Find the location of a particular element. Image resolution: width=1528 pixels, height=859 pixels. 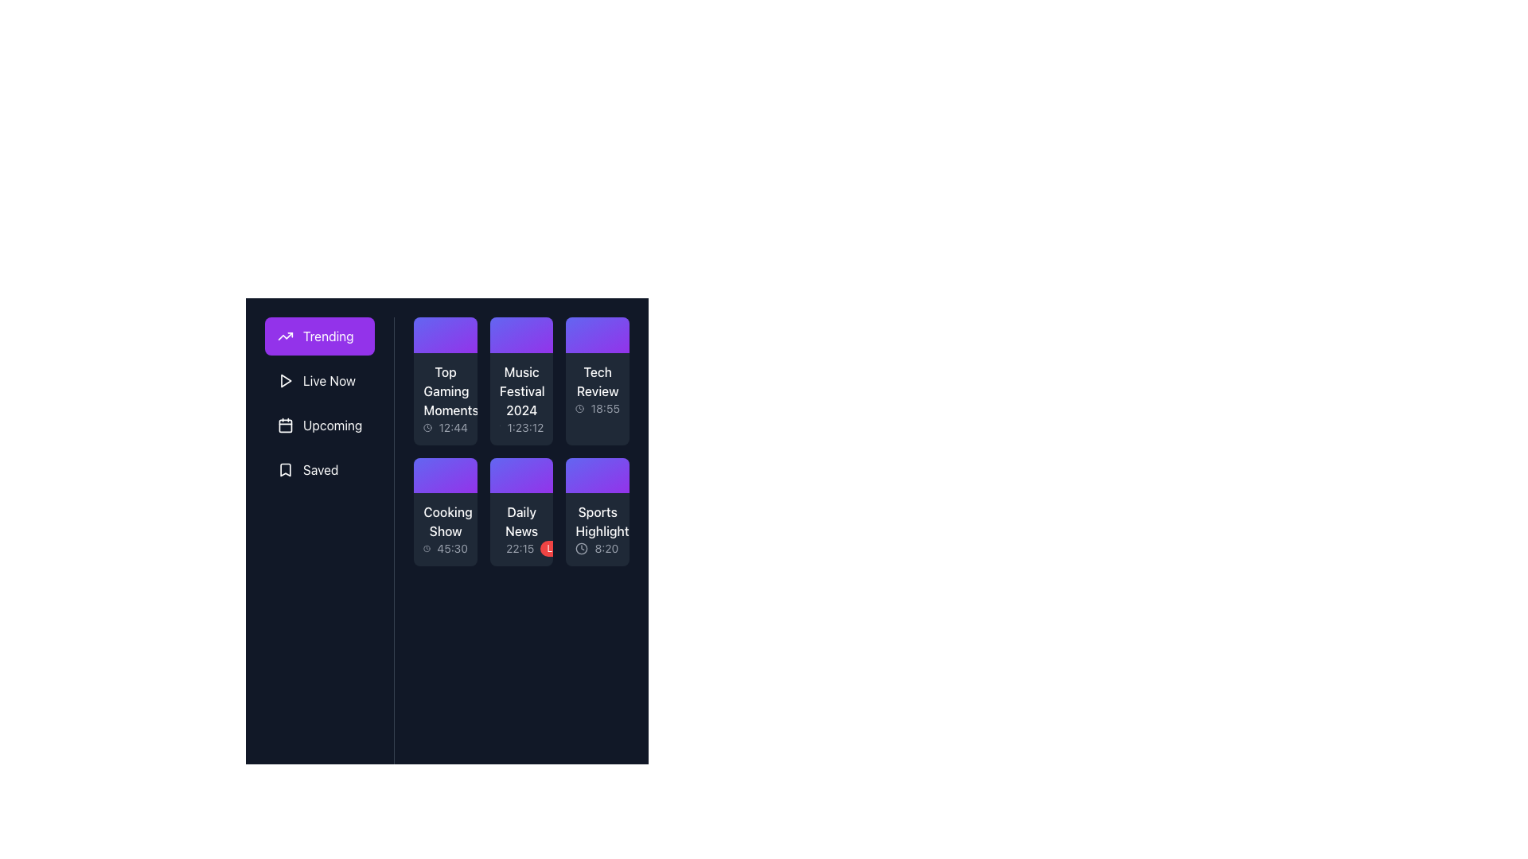

the text display element that serves as a title for the 'Cooking Show' within the 'Trending' grid section is located at coordinates (446, 522).